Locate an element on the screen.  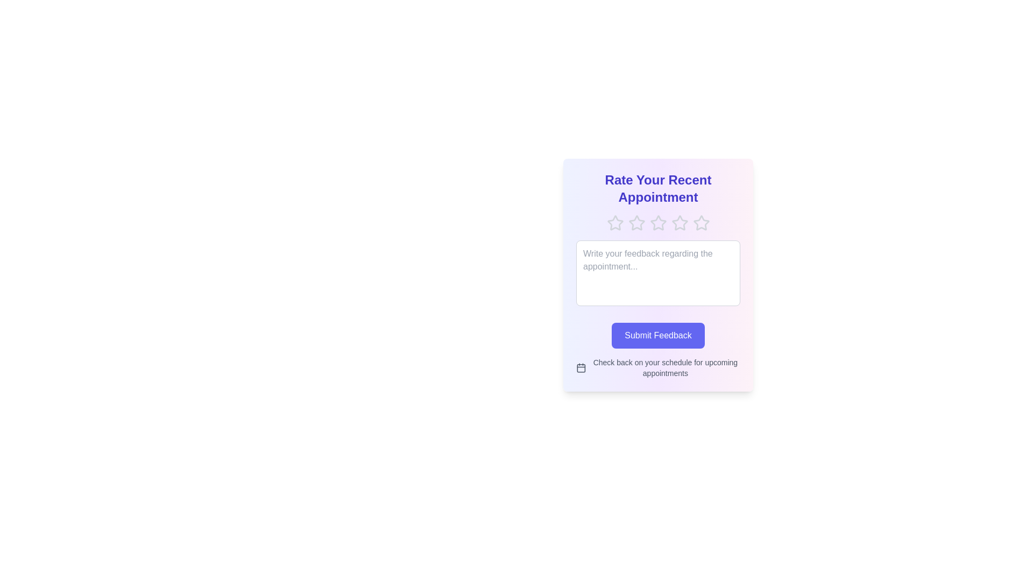
the star corresponding to 5 to preview the rating is located at coordinates (701, 223).